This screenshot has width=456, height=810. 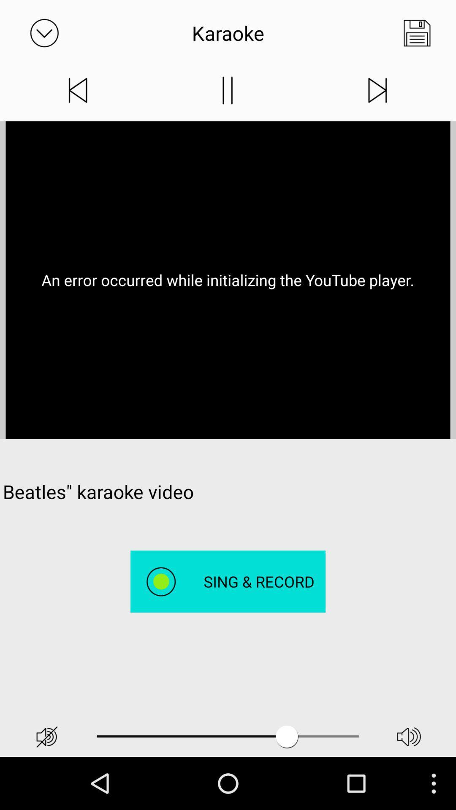 I want to click on the save icon, so click(x=416, y=35).